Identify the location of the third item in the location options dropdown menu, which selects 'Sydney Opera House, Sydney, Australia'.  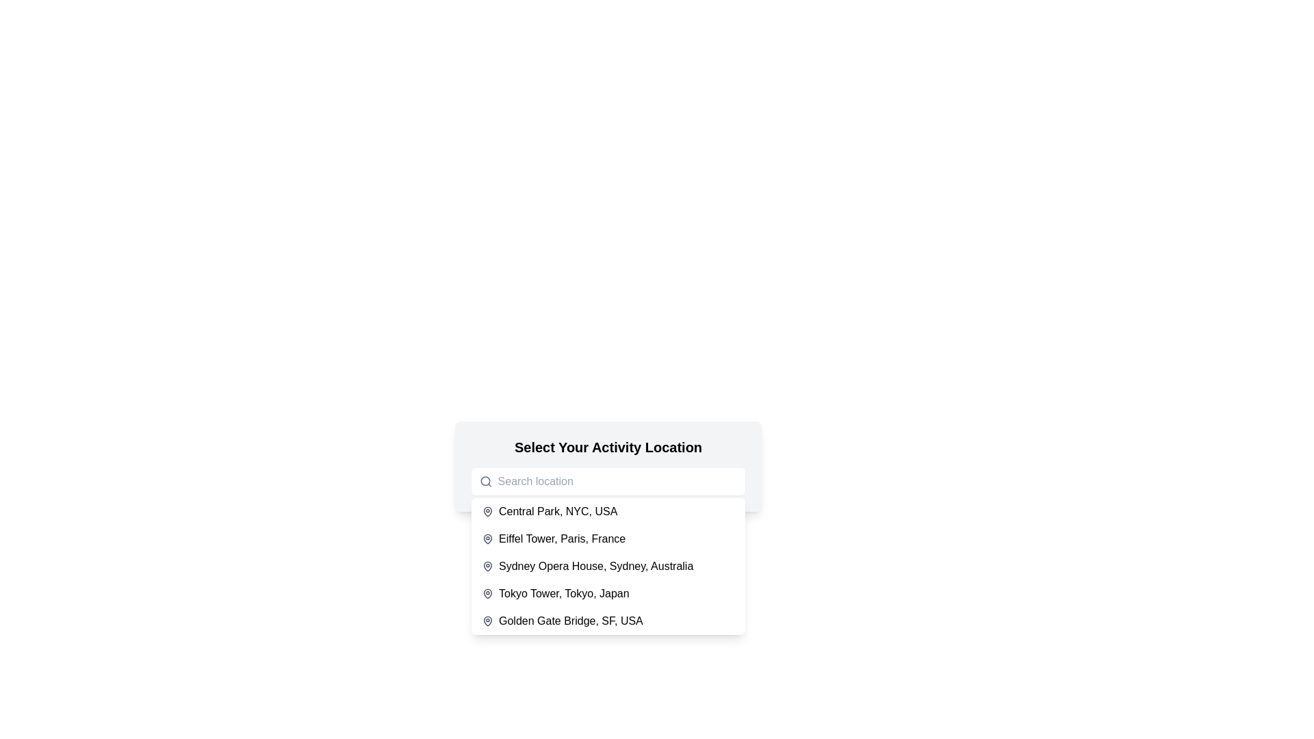
(596, 567).